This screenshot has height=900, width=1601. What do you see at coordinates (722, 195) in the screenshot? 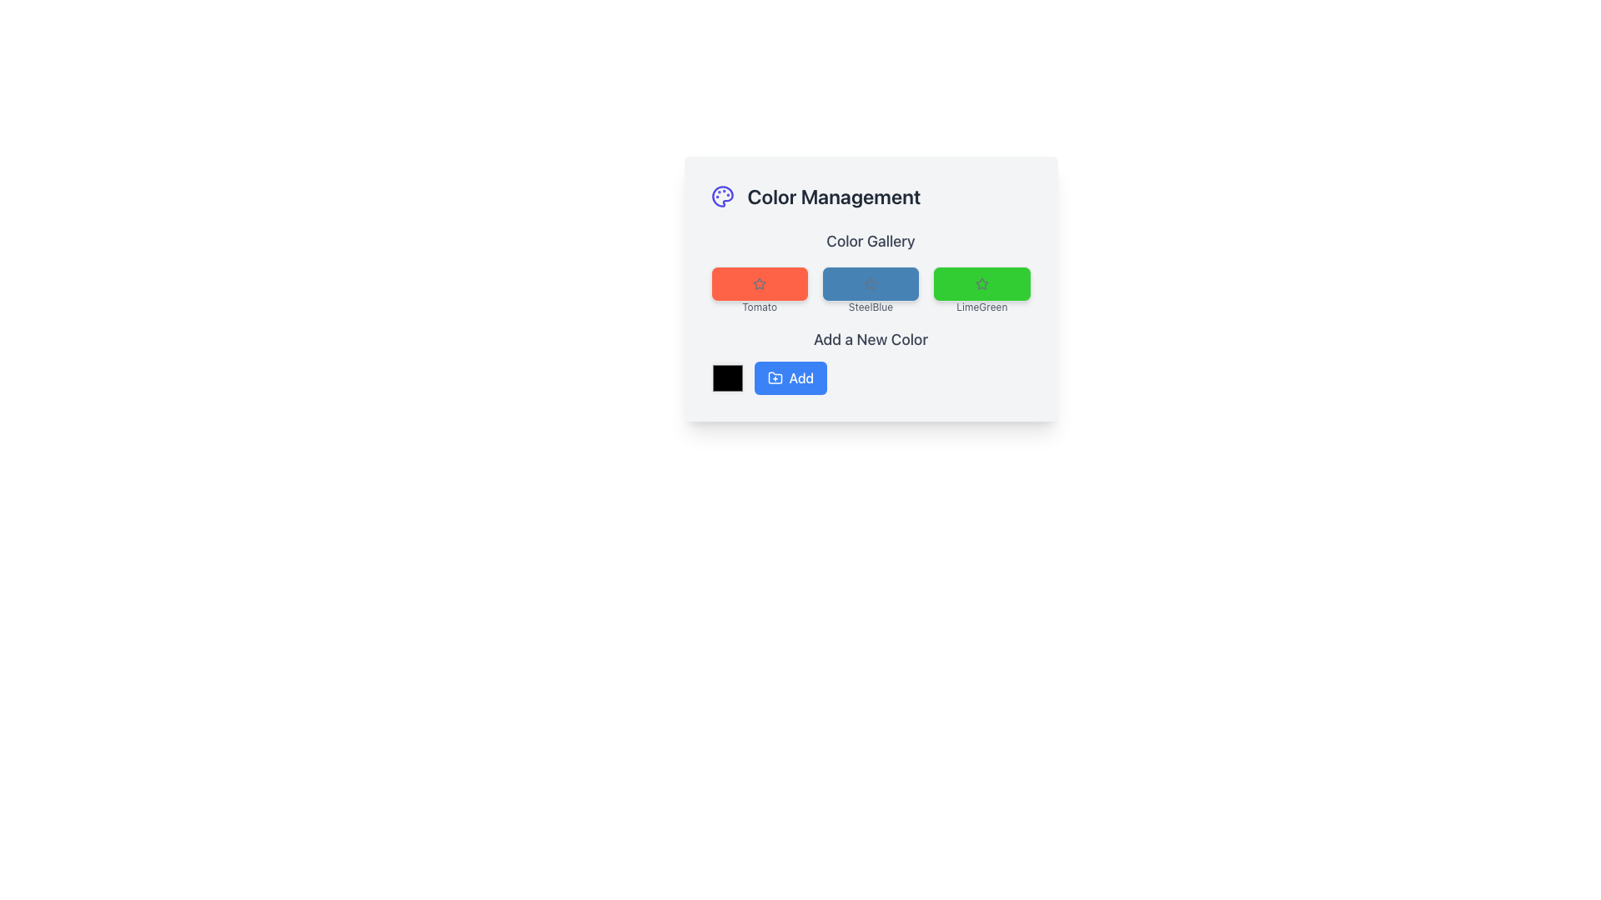
I see `the color management icon located in the top-left corner of the 'Color Management' section, which serves as a visual marker for color management functionality` at bounding box center [722, 195].